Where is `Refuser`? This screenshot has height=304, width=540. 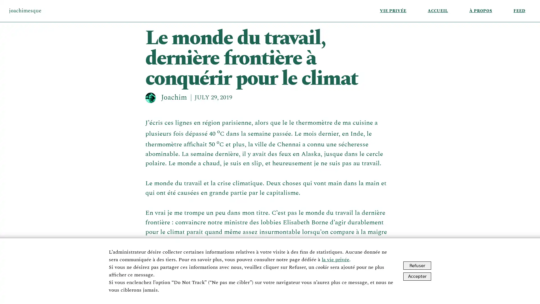
Refuser is located at coordinates (417, 265).